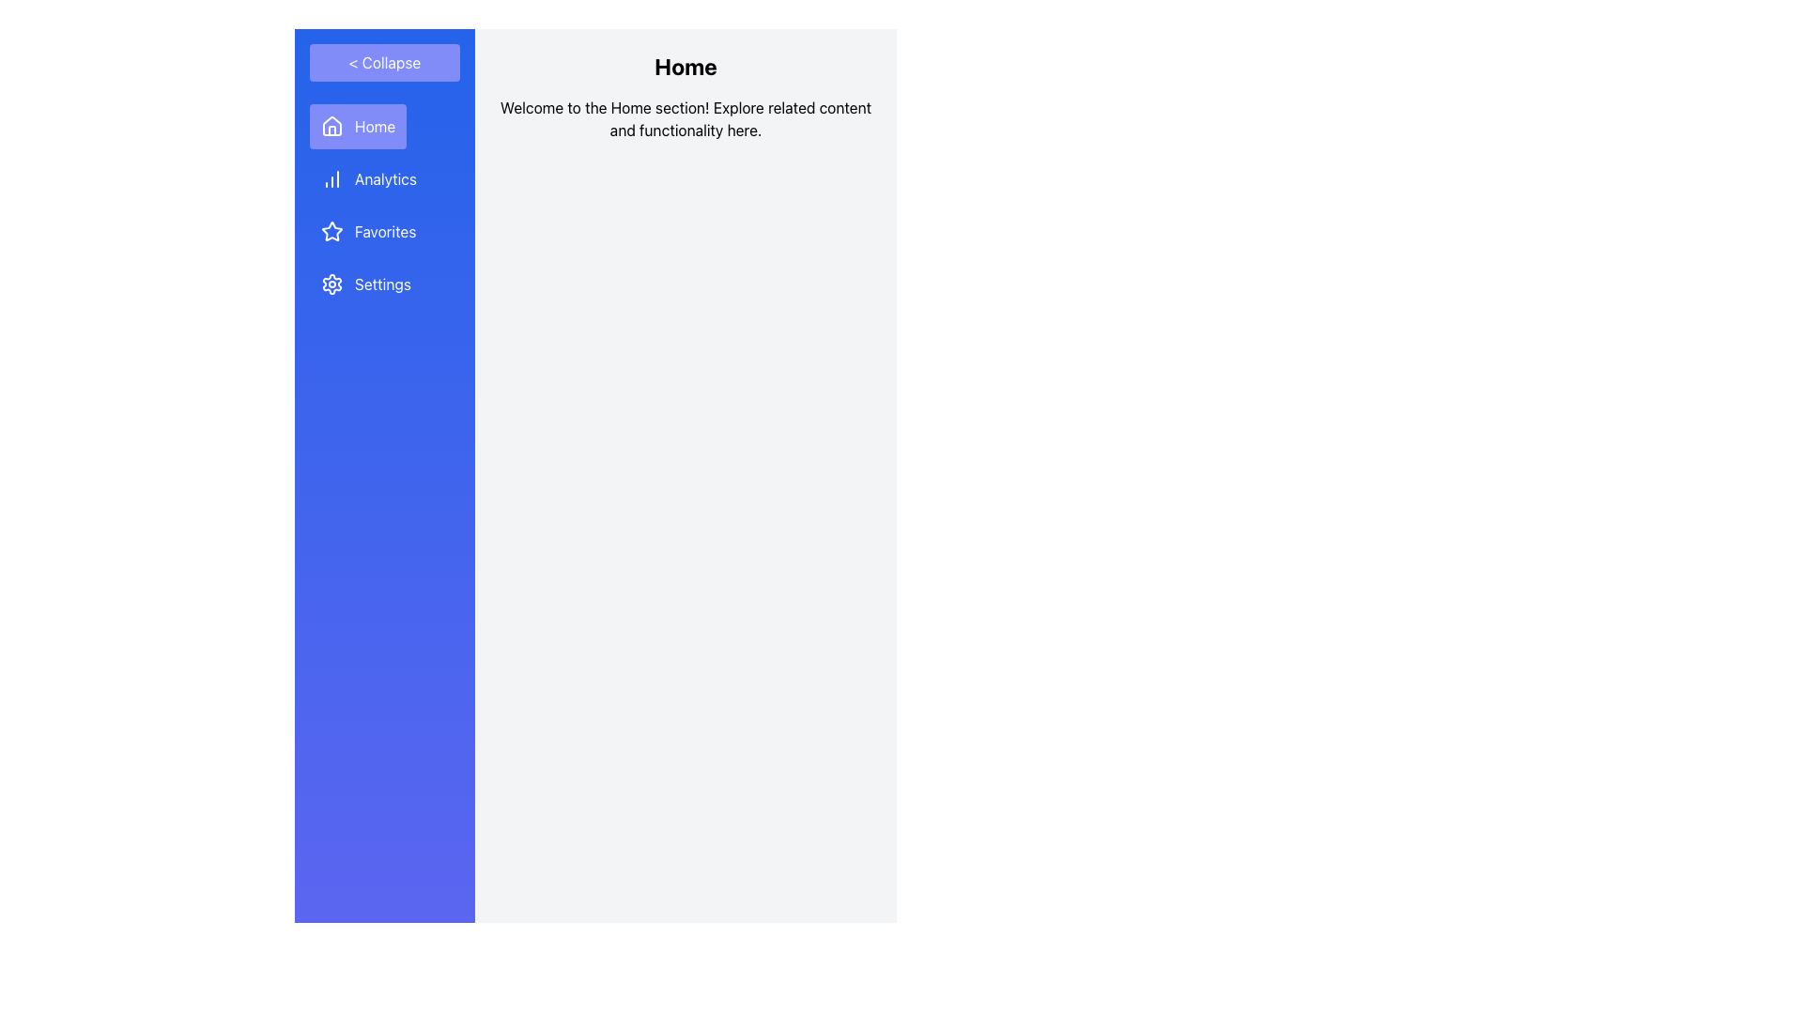 Image resolution: width=1803 pixels, height=1014 pixels. I want to click on the 'Favorites' icon located in the left sidebar menu, positioned between the 'Analytics' and 'Settings' menu items, so click(332, 230).